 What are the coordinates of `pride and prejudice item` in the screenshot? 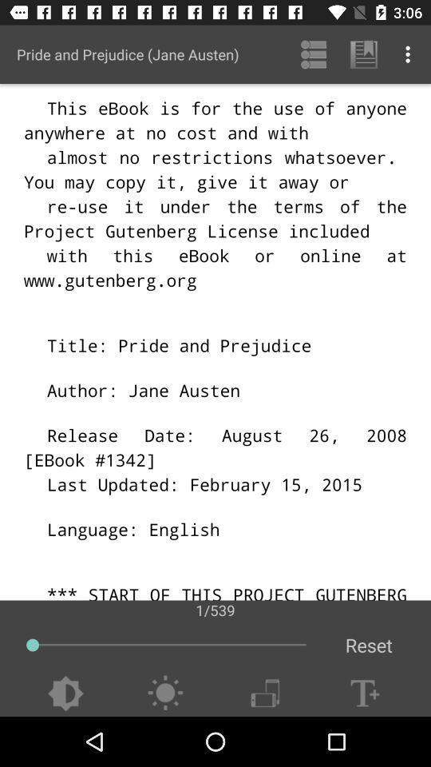 It's located at (127, 54).